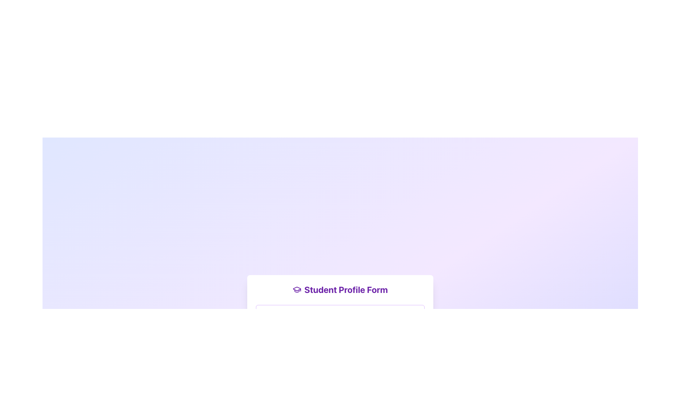 Image resolution: width=698 pixels, height=393 pixels. Describe the element at coordinates (297, 289) in the screenshot. I see `the main body of the graduation cap icon, which visually represents education or student-related content, centrally aligned over the title text` at that location.